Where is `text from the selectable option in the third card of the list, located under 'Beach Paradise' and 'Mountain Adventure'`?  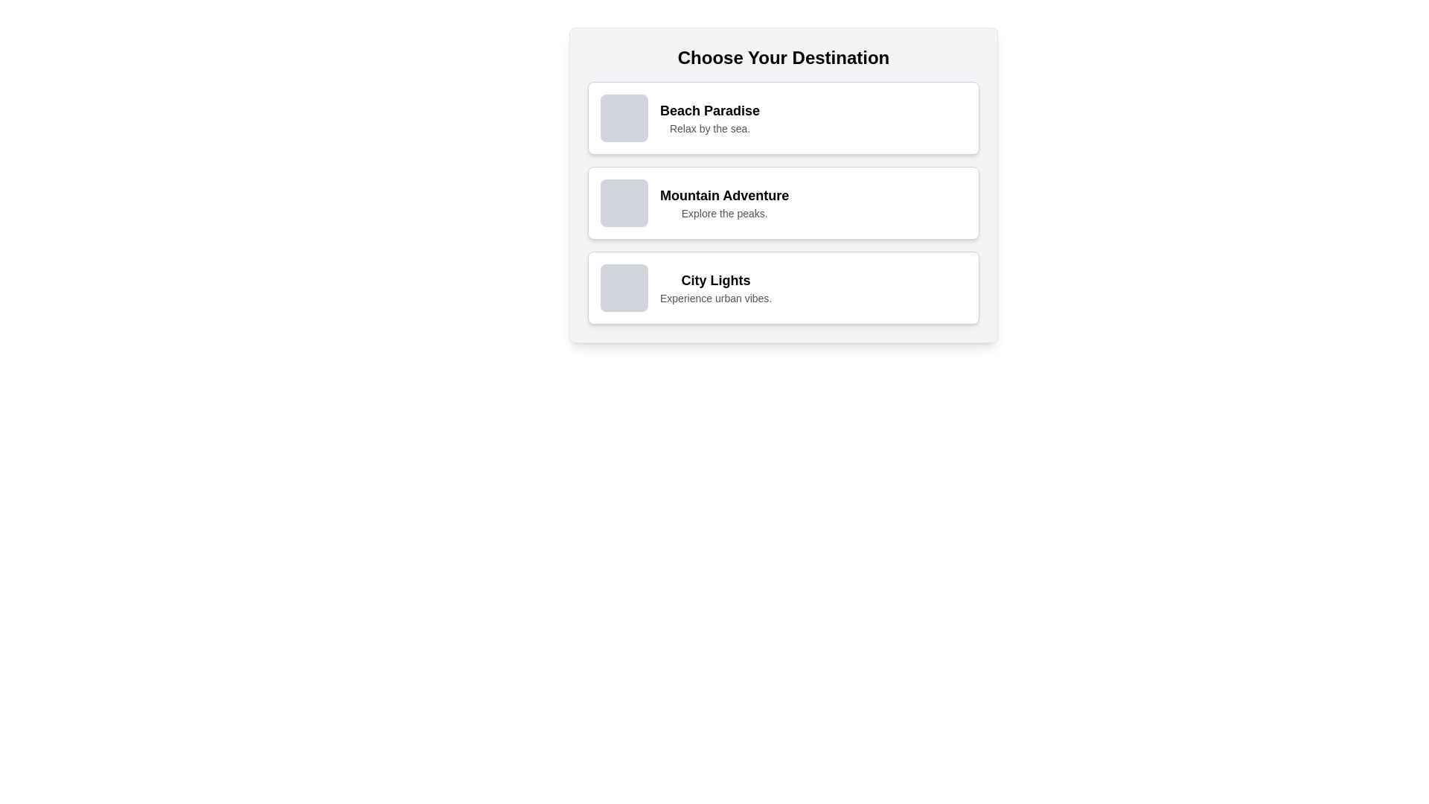 text from the selectable option in the third card of the list, located under 'Beach Paradise' and 'Mountain Adventure' is located at coordinates (715, 287).